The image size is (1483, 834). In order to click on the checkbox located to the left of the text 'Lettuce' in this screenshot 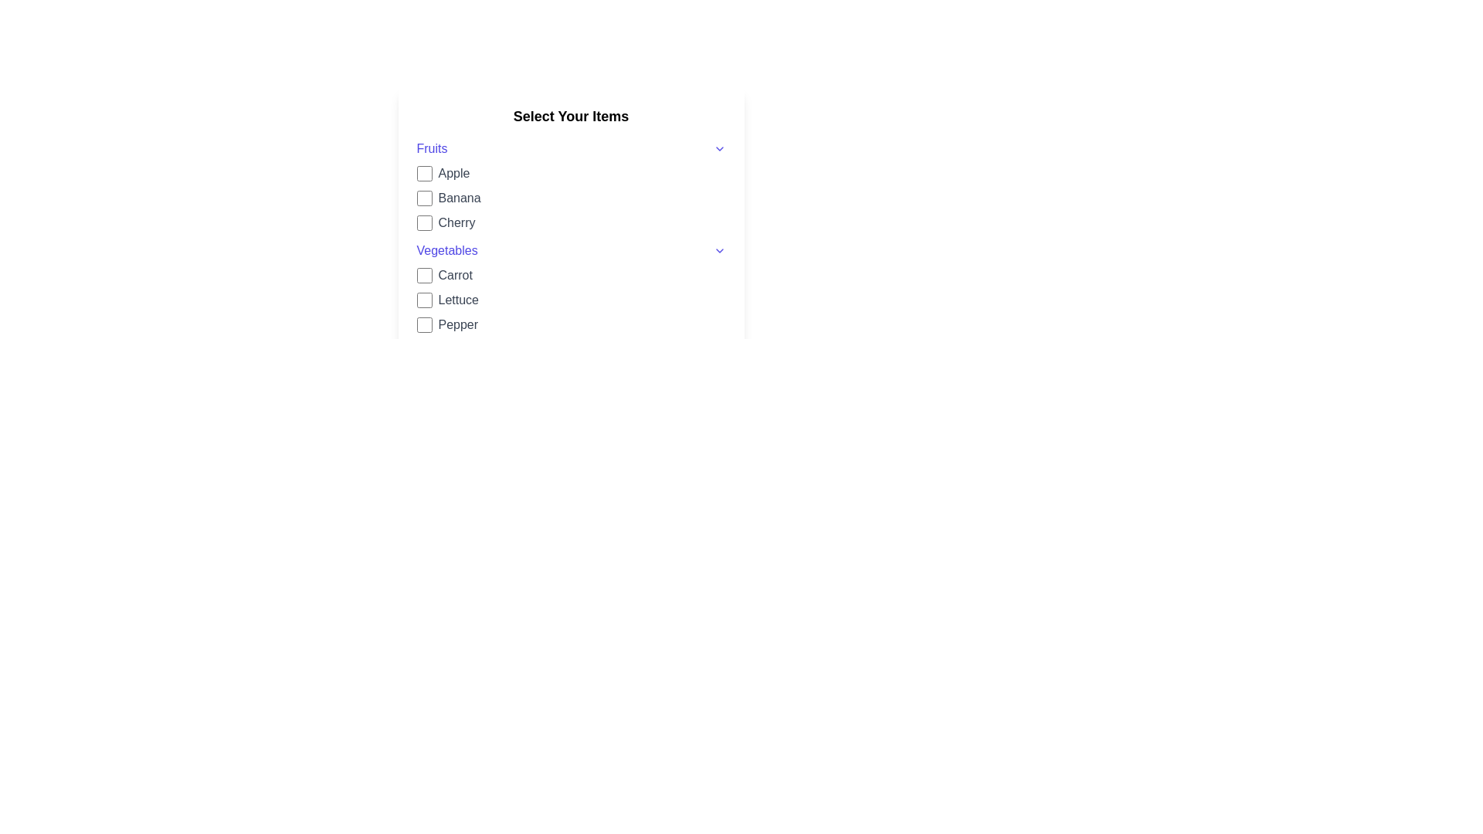, I will do `click(424, 300)`.